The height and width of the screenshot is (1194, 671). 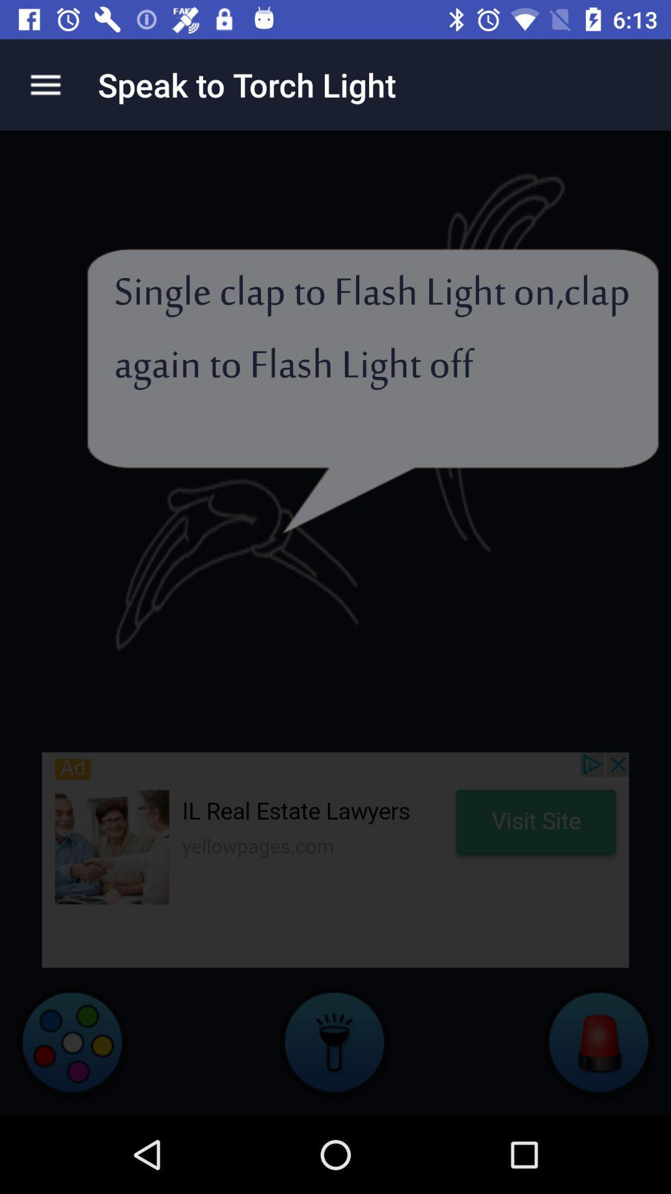 I want to click on colors, so click(x=72, y=1042).